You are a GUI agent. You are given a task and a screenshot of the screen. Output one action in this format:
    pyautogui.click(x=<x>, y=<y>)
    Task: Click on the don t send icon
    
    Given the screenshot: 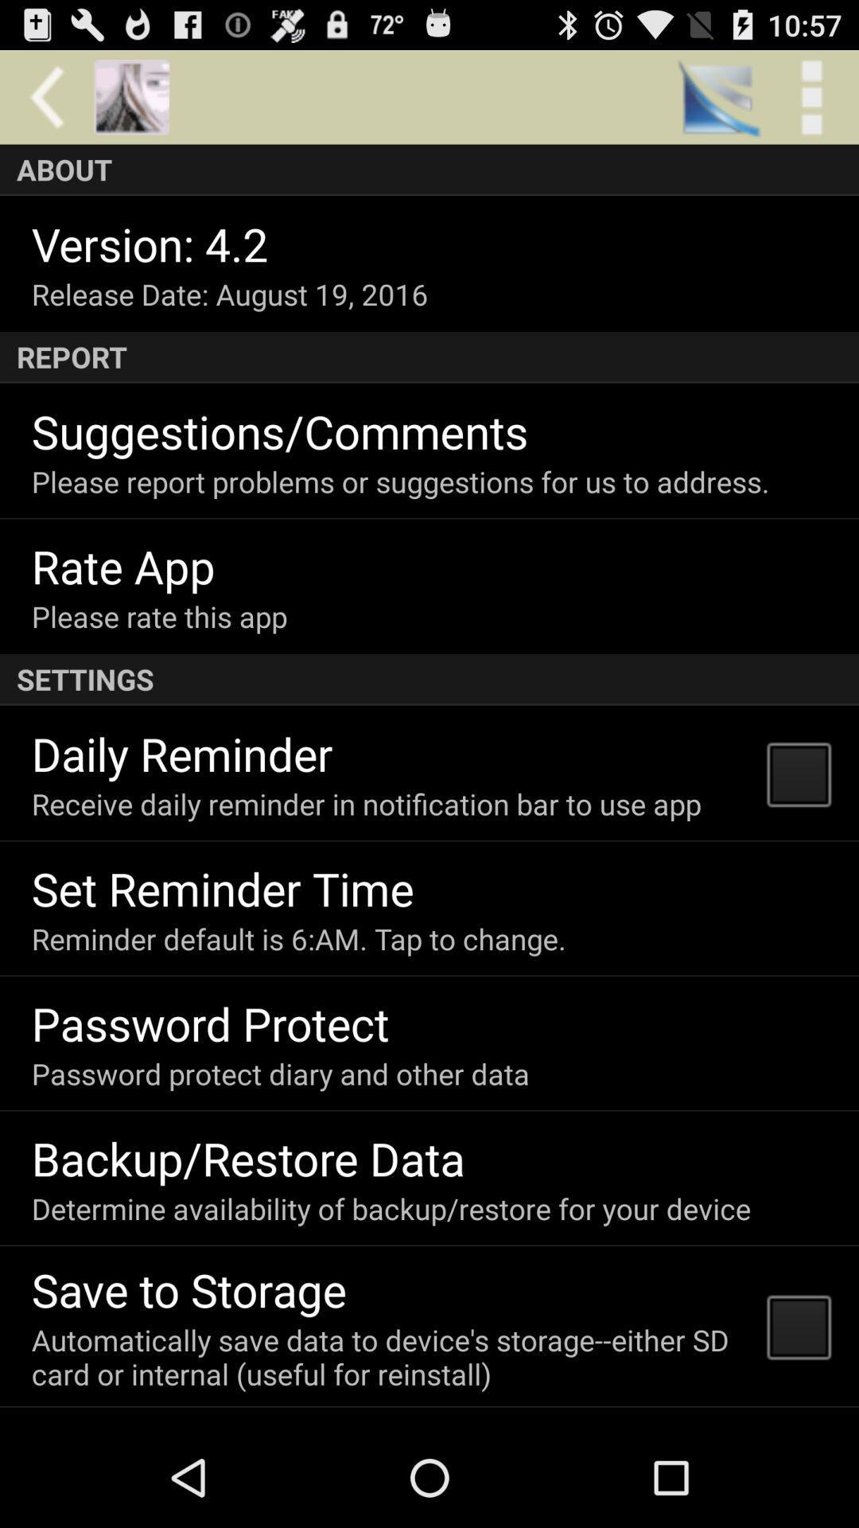 What is the action you would take?
    pyautogui.click(x=189, y=1424)
    